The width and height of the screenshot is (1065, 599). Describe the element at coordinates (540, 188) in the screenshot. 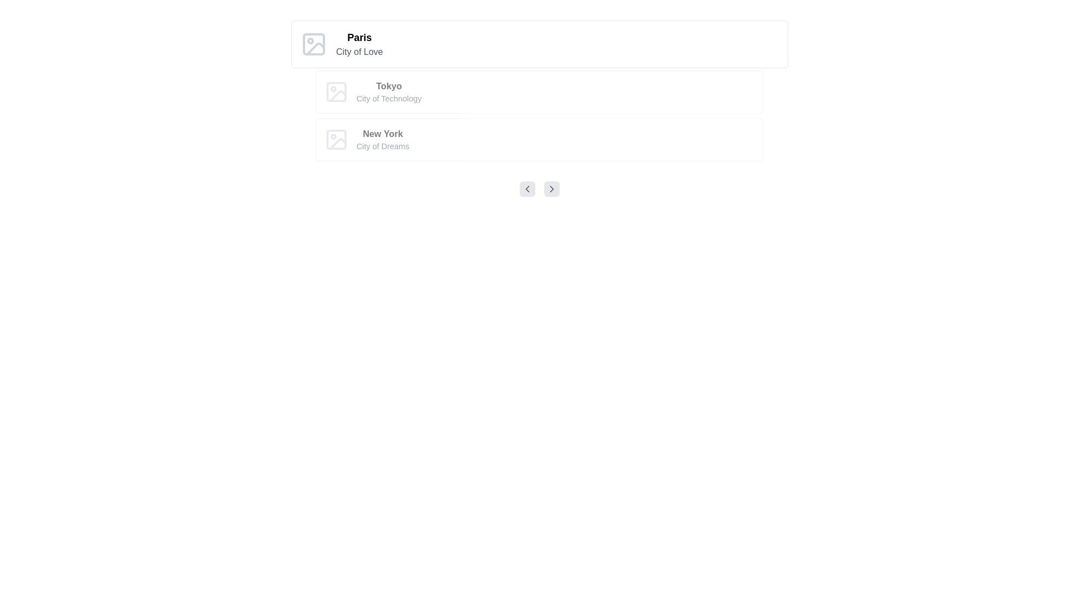

I see `the right arrow of the Carousel navigation control, positioned centrally below the city items 'Paris', 'Tokyo', and 'New York'` at that location.